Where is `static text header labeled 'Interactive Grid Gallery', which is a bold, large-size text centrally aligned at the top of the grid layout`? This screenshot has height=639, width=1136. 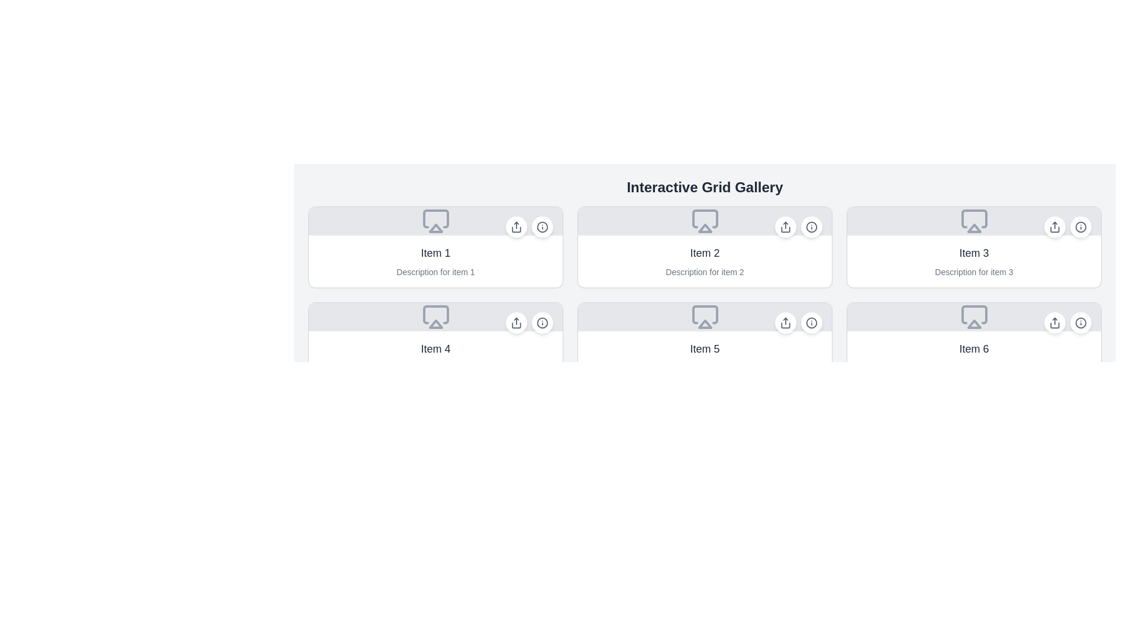 static text header labeled 'Interactive Grid Gallery', which is a bold, large-size text centrally aligned at the top of the grid layout is located at coordinates (705, 186).